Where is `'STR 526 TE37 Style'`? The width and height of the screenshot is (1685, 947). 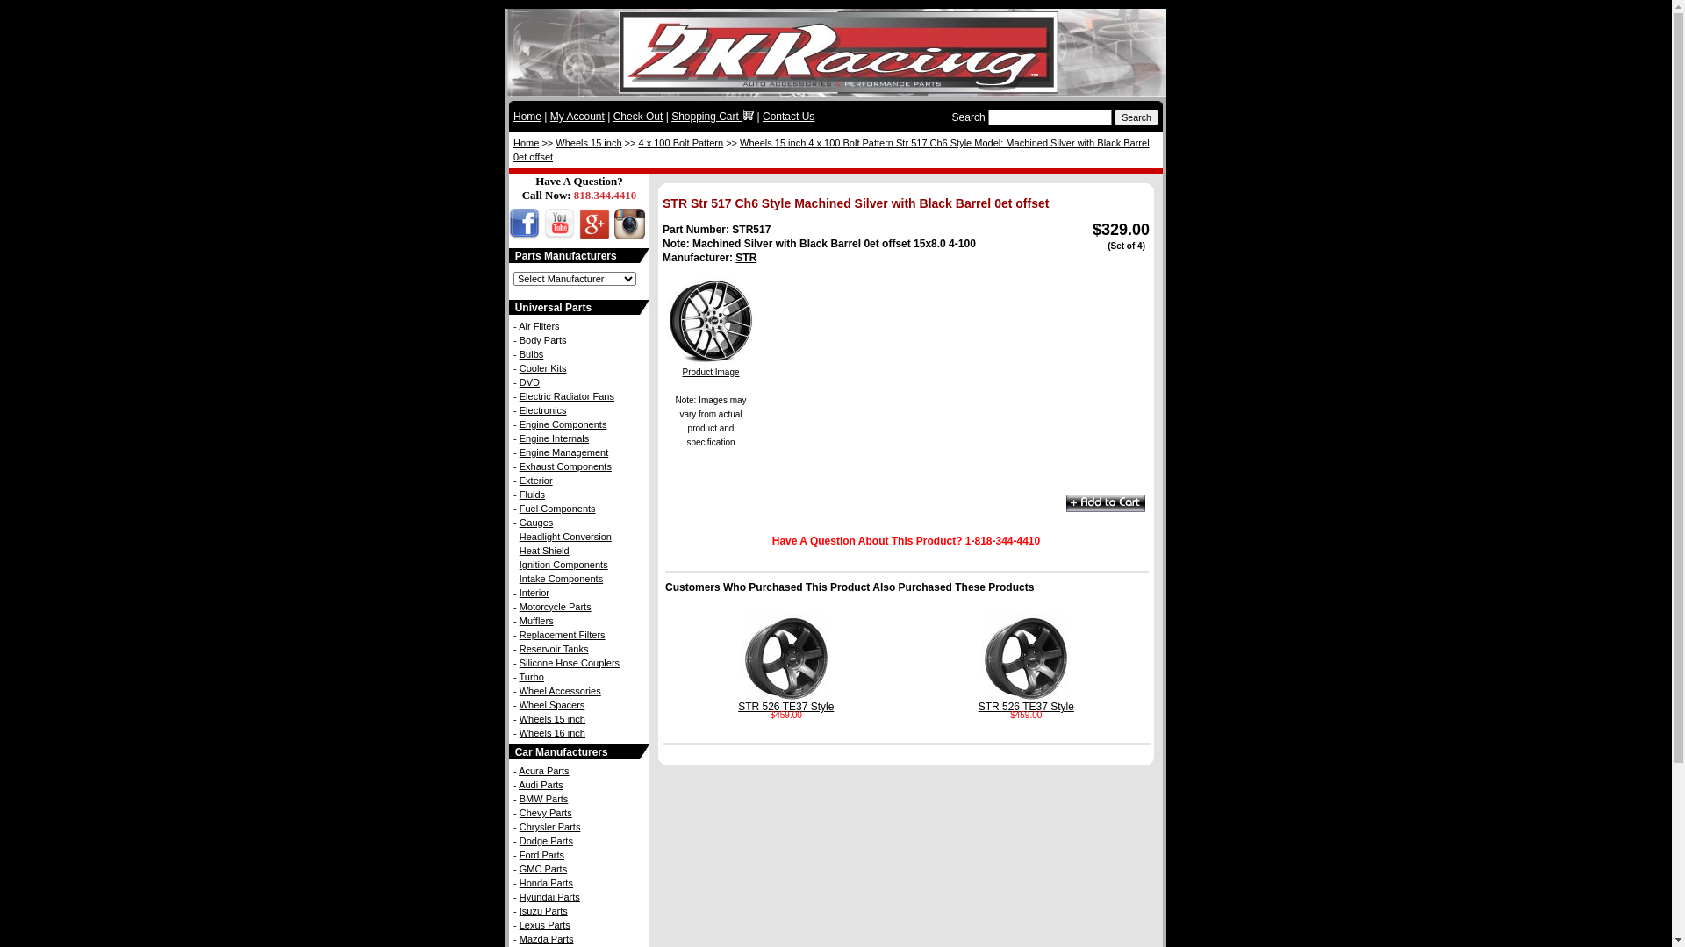 'STR 526 TE37 Style' is located at coordinates (737, 701).